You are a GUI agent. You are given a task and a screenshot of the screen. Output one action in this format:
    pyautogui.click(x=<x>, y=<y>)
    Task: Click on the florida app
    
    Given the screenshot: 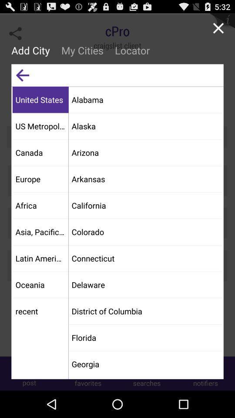 What is the action you would take?
    pyautogui.click(x=145, y=337)
    